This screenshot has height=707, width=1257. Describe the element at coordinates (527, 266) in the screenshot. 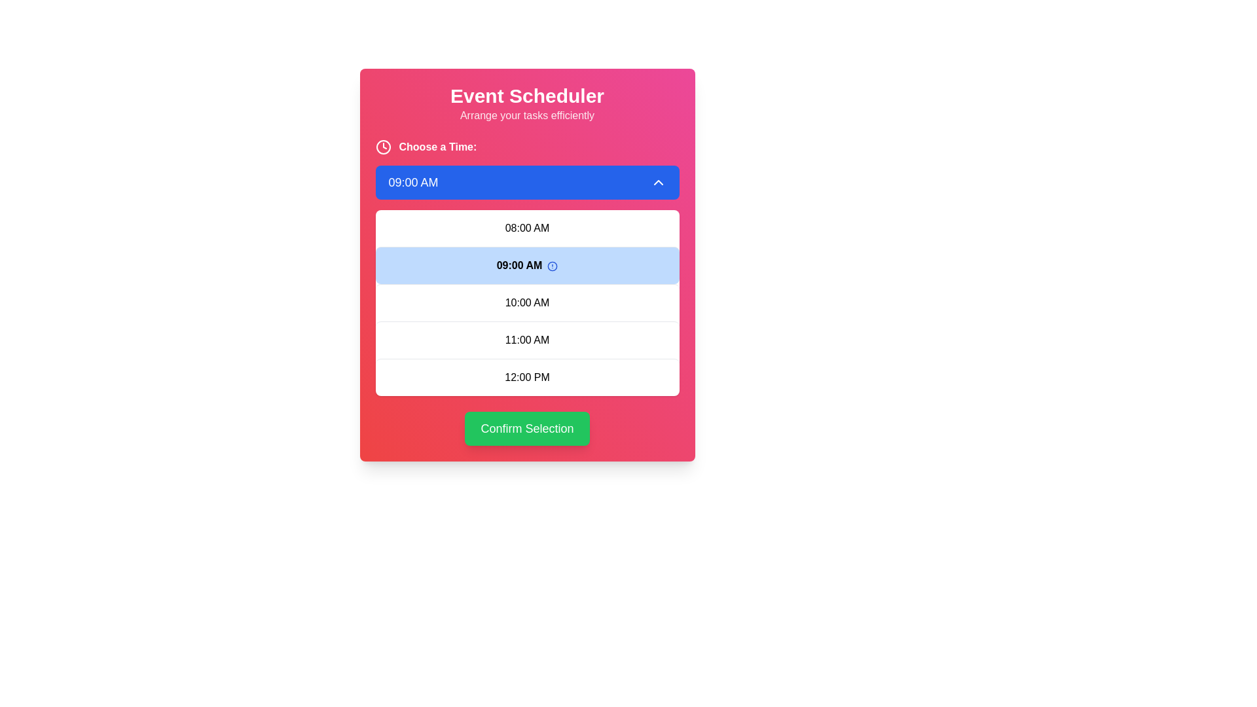

I see `the selectable option '09:00 AM' in the dropdown menu, which is the second option listed below '08:00 AM' and above '10:00 AM'` at that location.